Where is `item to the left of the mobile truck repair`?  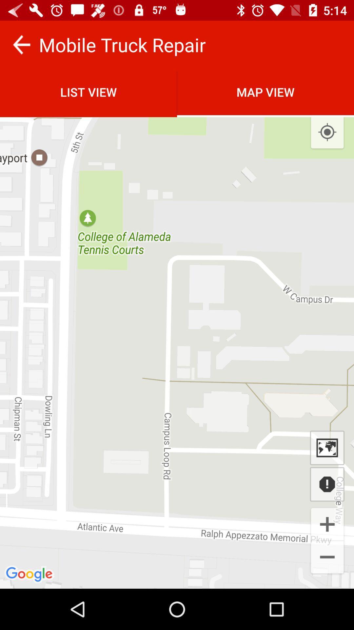
item to the left of the mobile truck repair is located at coordinates (21, 44).